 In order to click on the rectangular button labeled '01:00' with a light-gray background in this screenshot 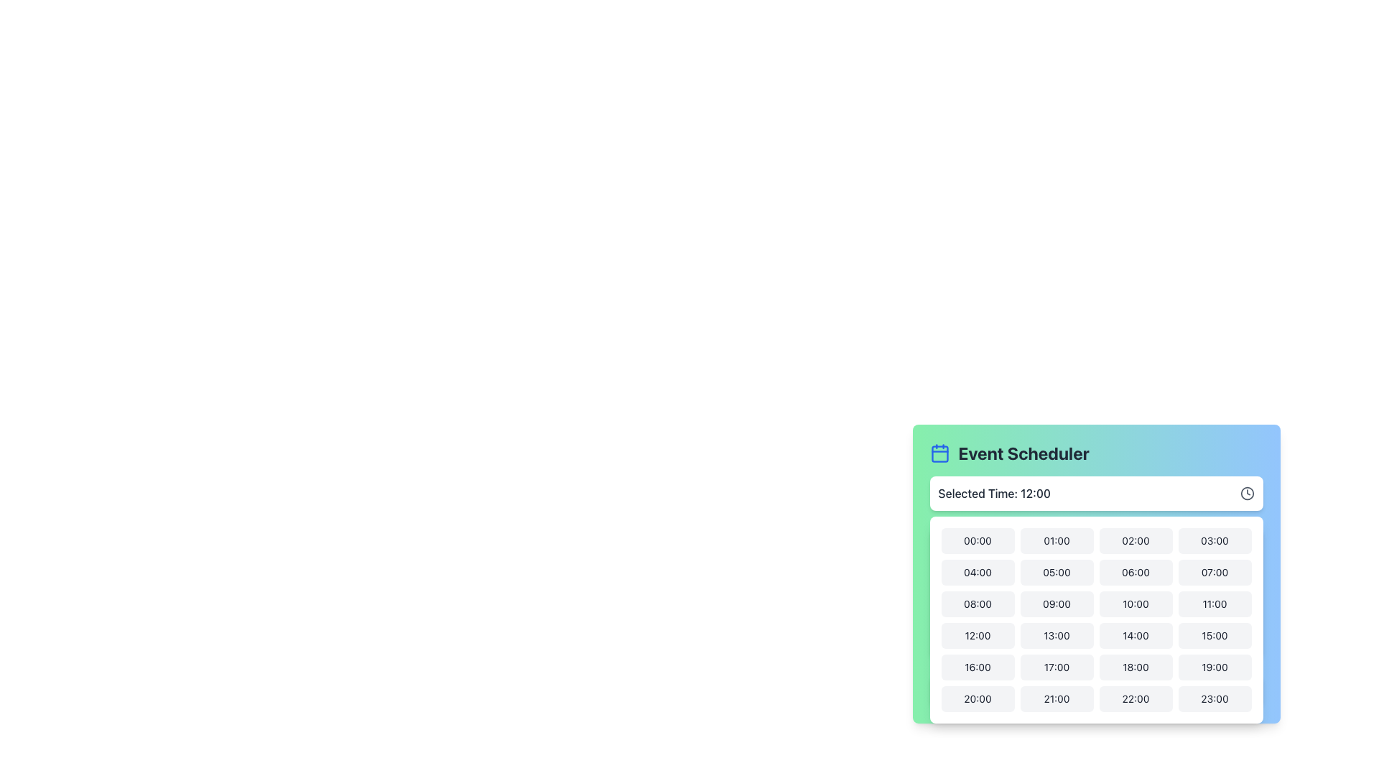, I will do `click(1057, 540)`.